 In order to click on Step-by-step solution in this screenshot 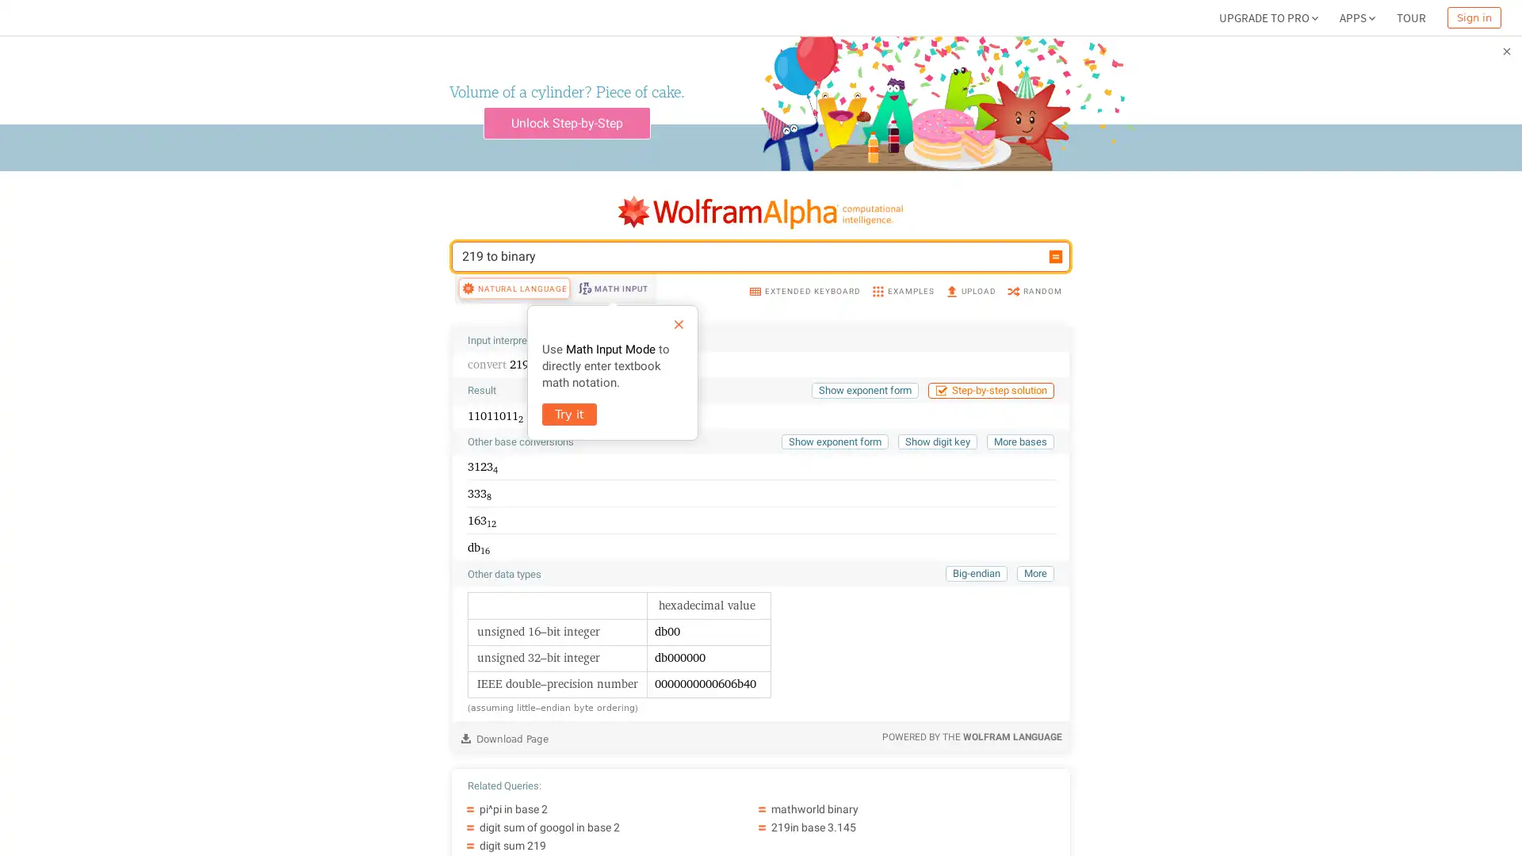, I will do `click(990, 420)`.